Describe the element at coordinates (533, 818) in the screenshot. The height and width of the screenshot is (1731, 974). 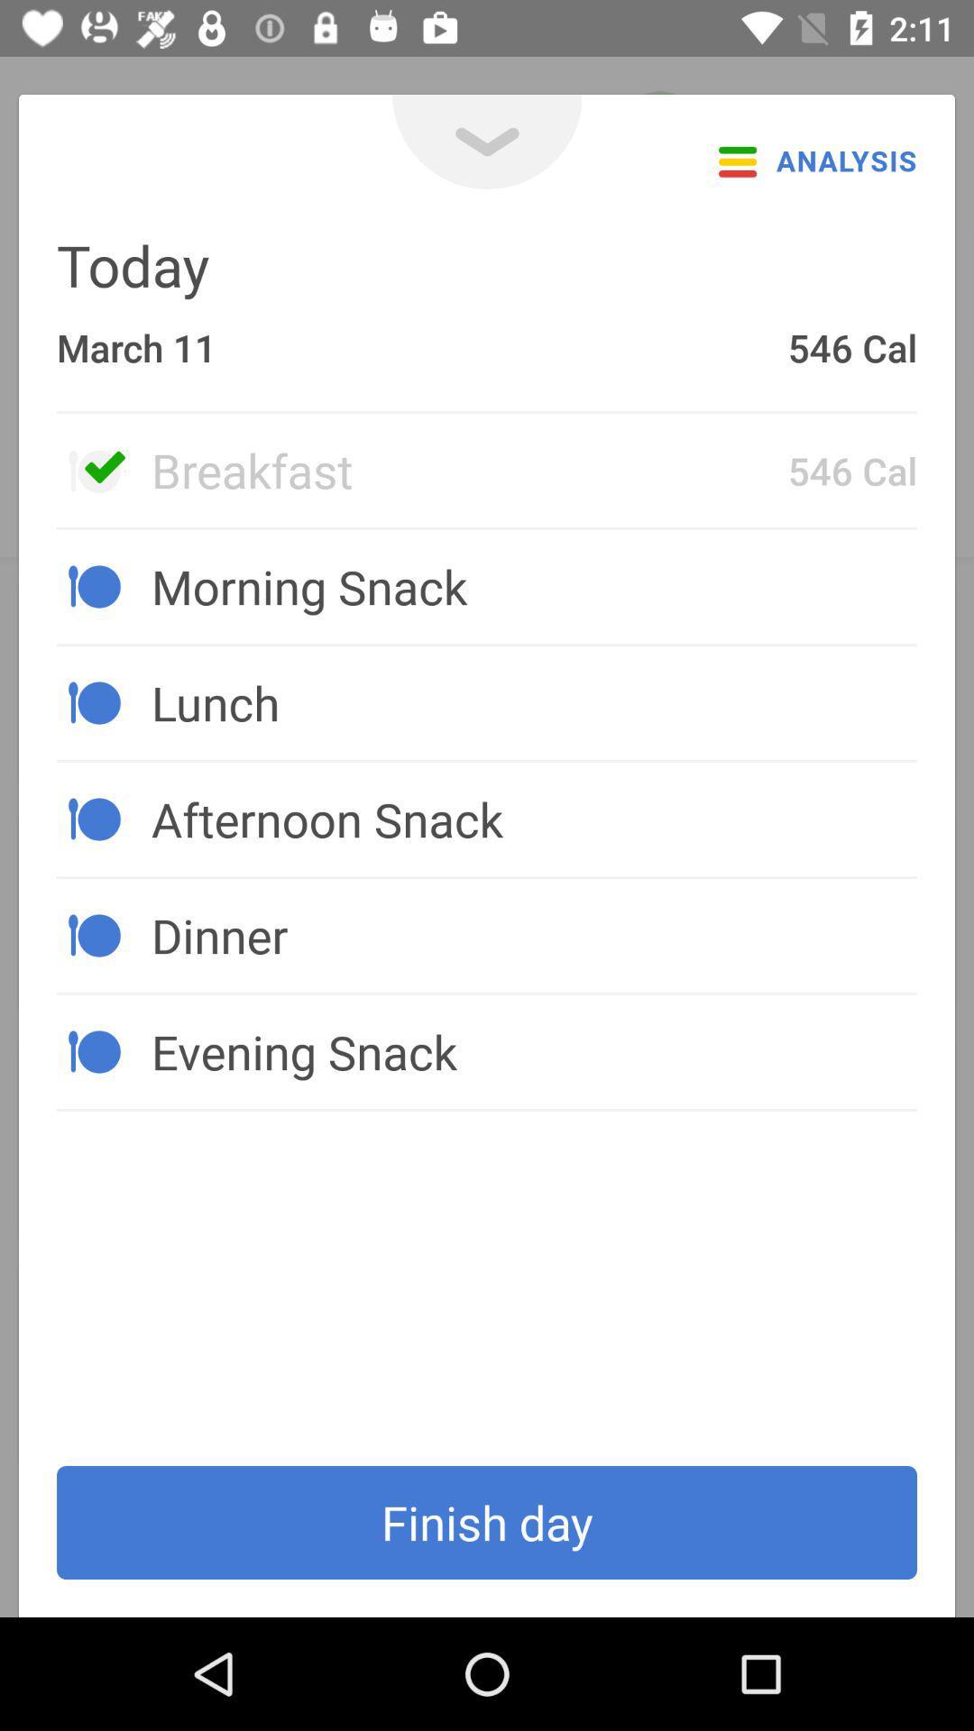
I see `the afternoon snack` at that location.